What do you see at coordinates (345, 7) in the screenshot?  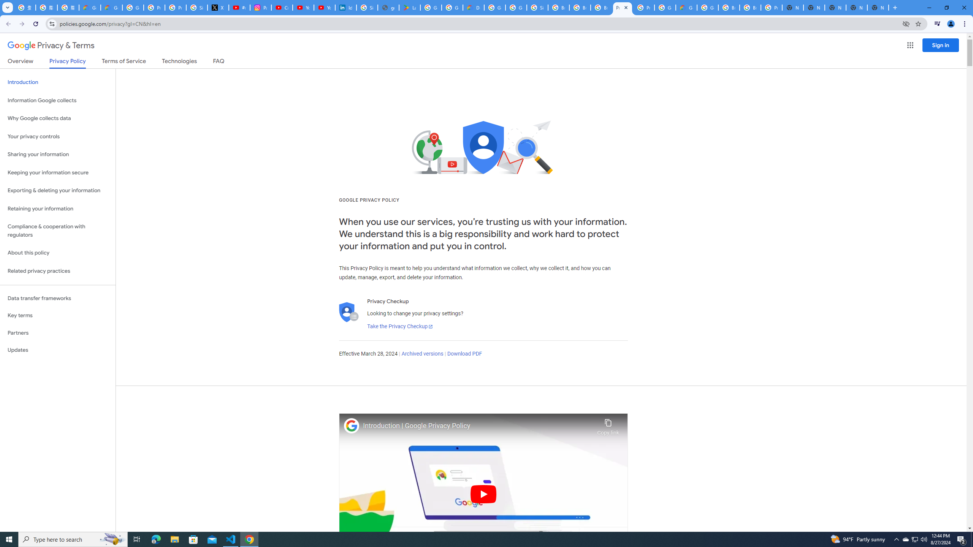 I see `'Identity verification via Persona | LinkedIn Help'` at bounding box center [345, 7].